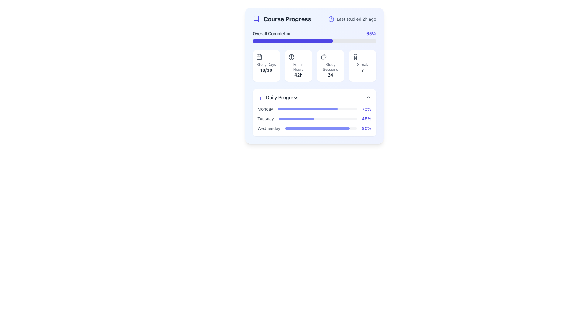  What do you see at coordinates (259, 56) in the screenshot?
I see `the inner rectangle icon within the calendar icon located to the left of the 'Study Days' text in the first card of the interface` at bounding box center [259, 56].